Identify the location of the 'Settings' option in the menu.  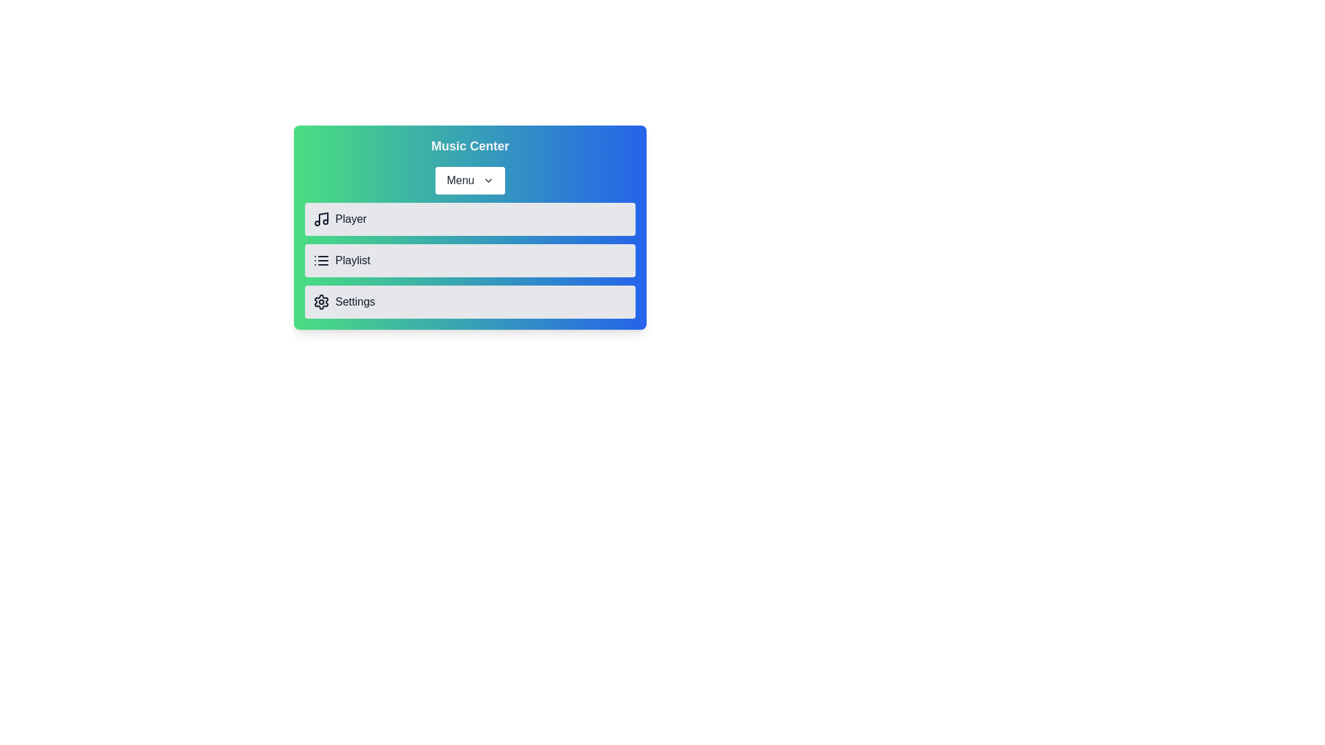
(470, 301).